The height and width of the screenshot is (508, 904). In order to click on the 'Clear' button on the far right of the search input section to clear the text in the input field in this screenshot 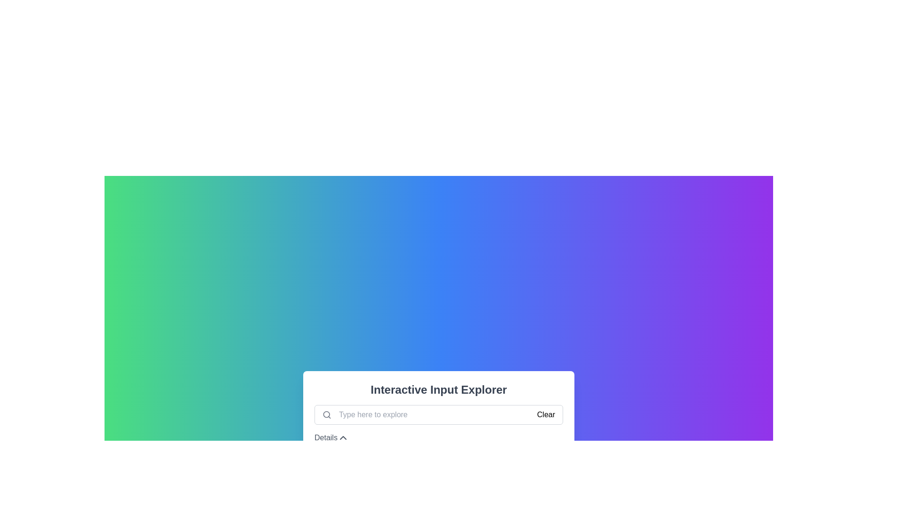, I will do `click(546, 414)`.